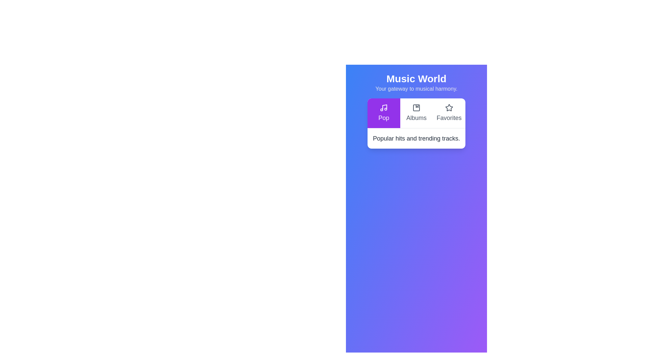  Describe the element at coordinates (384, 113) in the screenshot. I see `the 'Pop' button to view its description` at that location.